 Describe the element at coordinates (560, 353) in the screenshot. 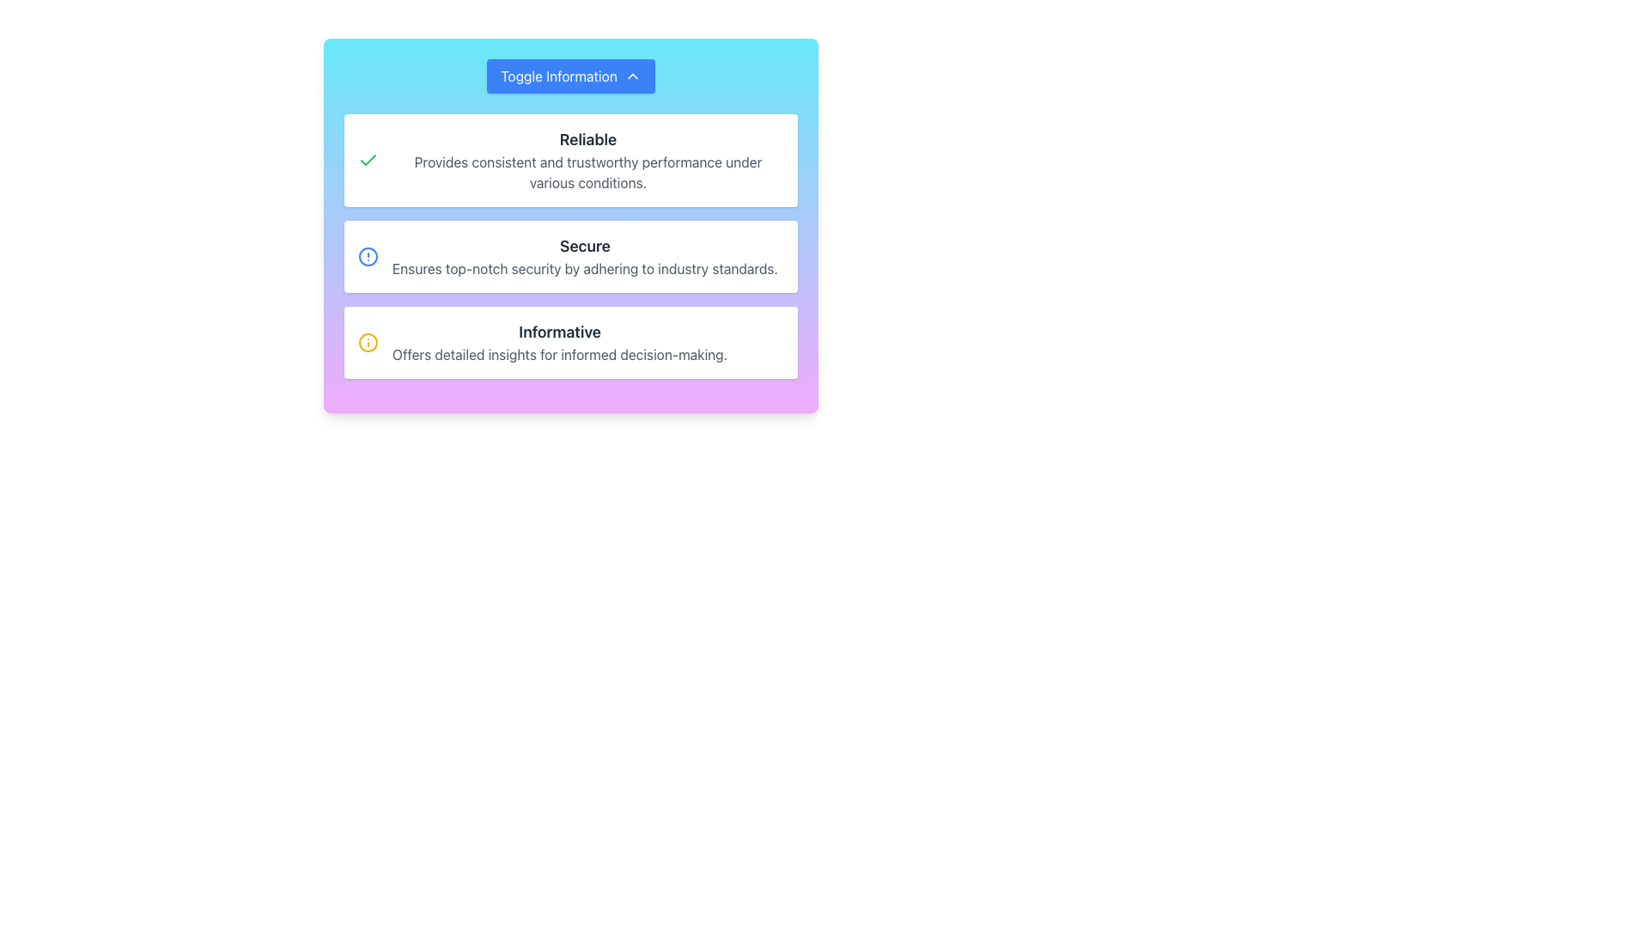

I see `the gray-colored text component that reads 'Offers detailed insights for informed decision-making.' located below the bolded title 'Informative'` at that location.